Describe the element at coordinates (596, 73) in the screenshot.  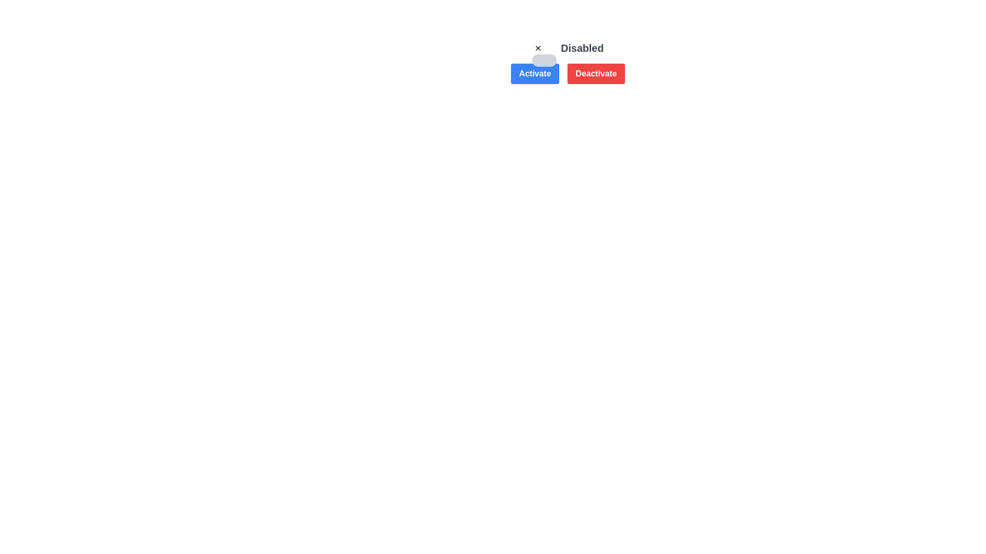
I see `the red 'Deactivate' button with bold white text, located to the right of the 'Activate' button` at that location.